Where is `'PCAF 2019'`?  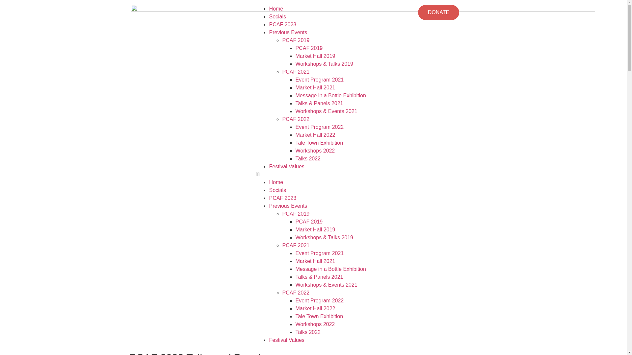 'PCAF 2019' is located at coordinates (282, 40).